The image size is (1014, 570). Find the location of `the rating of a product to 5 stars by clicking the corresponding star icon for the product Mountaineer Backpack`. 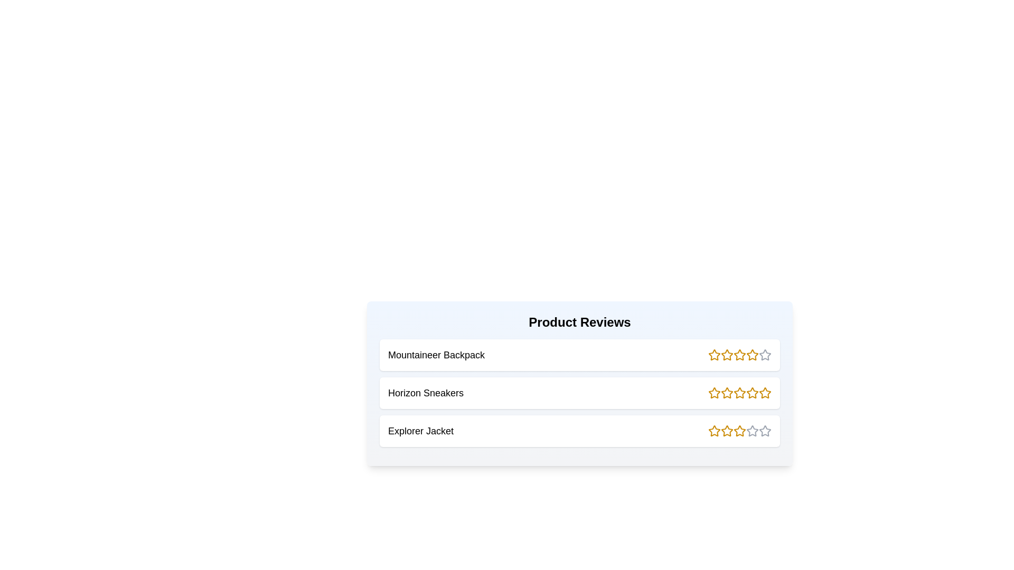

the rating of a product to 5 stars by clicking the corresponding star icon for the product Mountaineer Backpack is located at coordinates (765, 355).